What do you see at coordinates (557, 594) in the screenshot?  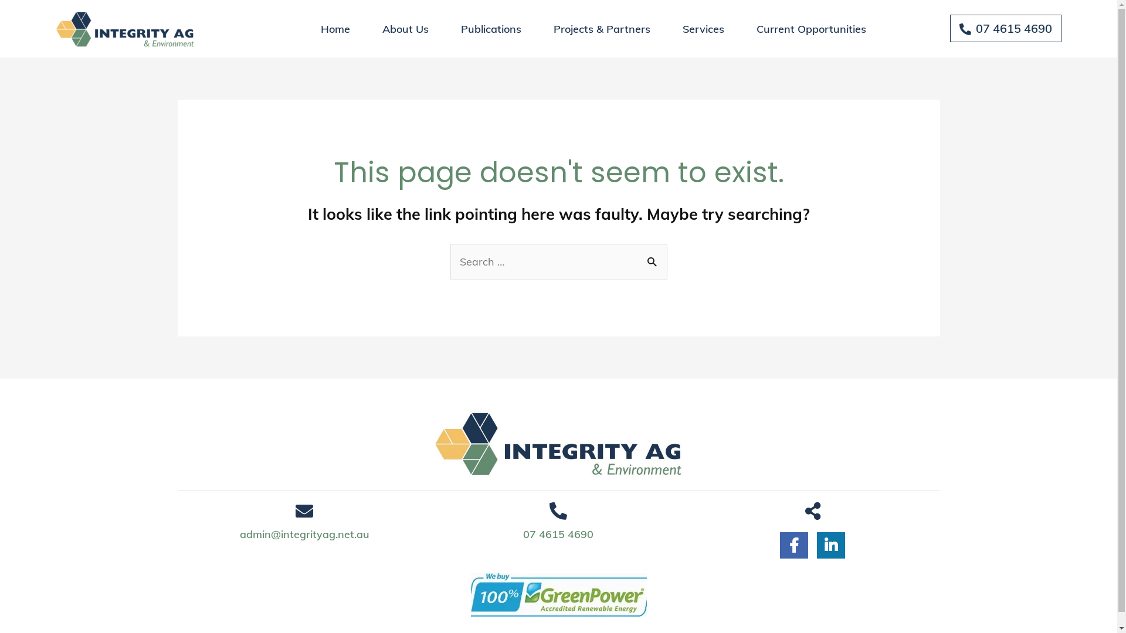 I see `'Green power'` at bounding box center [557, 594].